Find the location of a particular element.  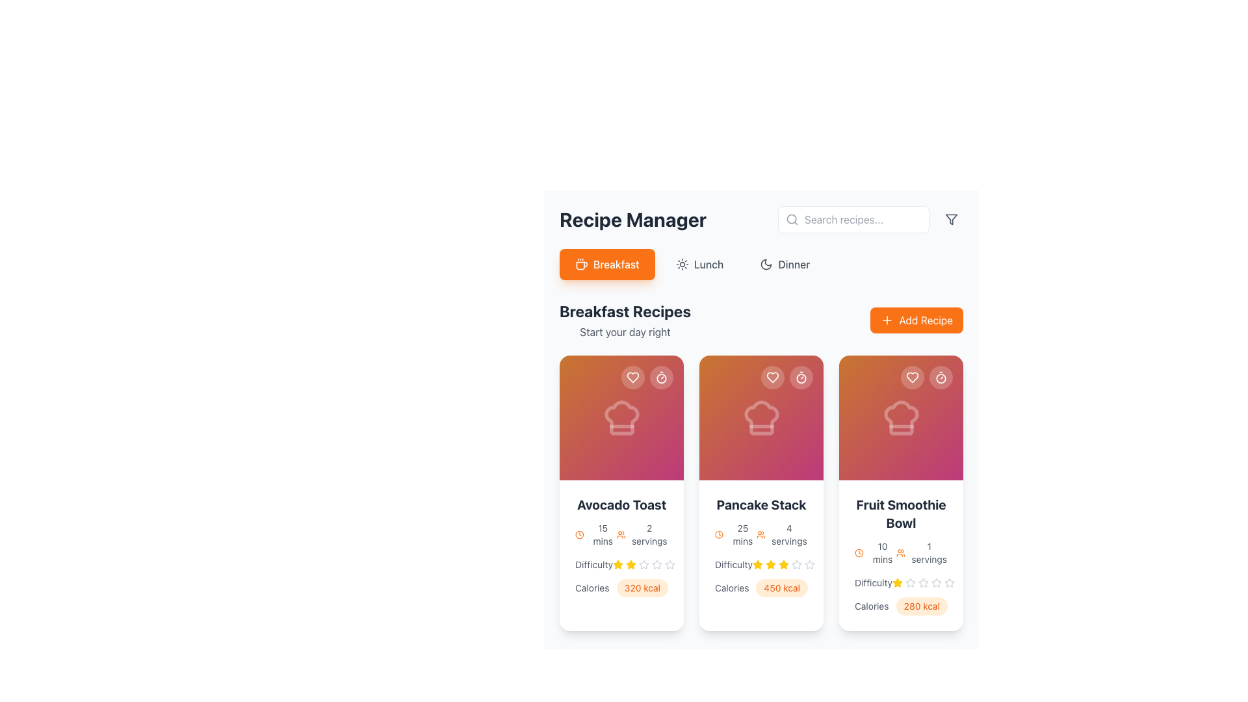

the second star icon in the difficulty rating component of the 'Fruit Smoothie Bowl' card is located at coordinates (922, 582).